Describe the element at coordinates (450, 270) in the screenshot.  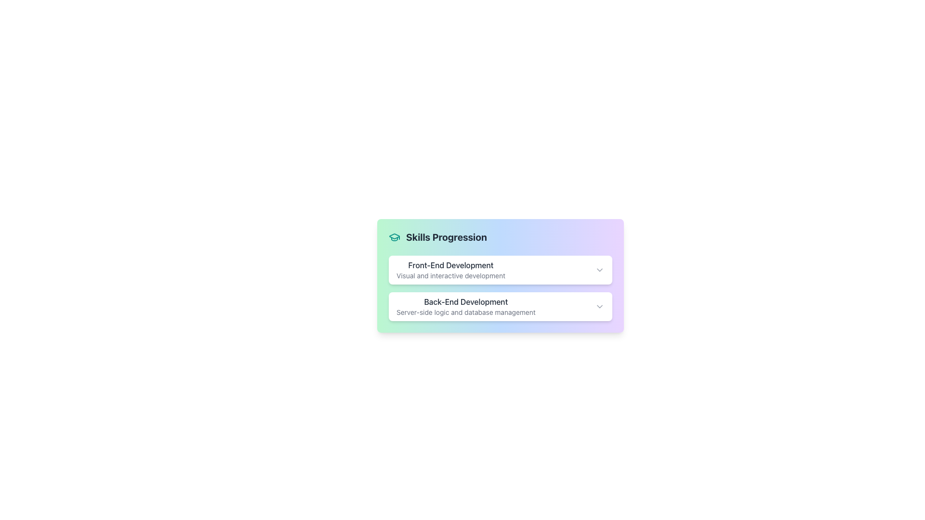
I see `the descriptive label in the 'Skills Progression' interface` at that location.